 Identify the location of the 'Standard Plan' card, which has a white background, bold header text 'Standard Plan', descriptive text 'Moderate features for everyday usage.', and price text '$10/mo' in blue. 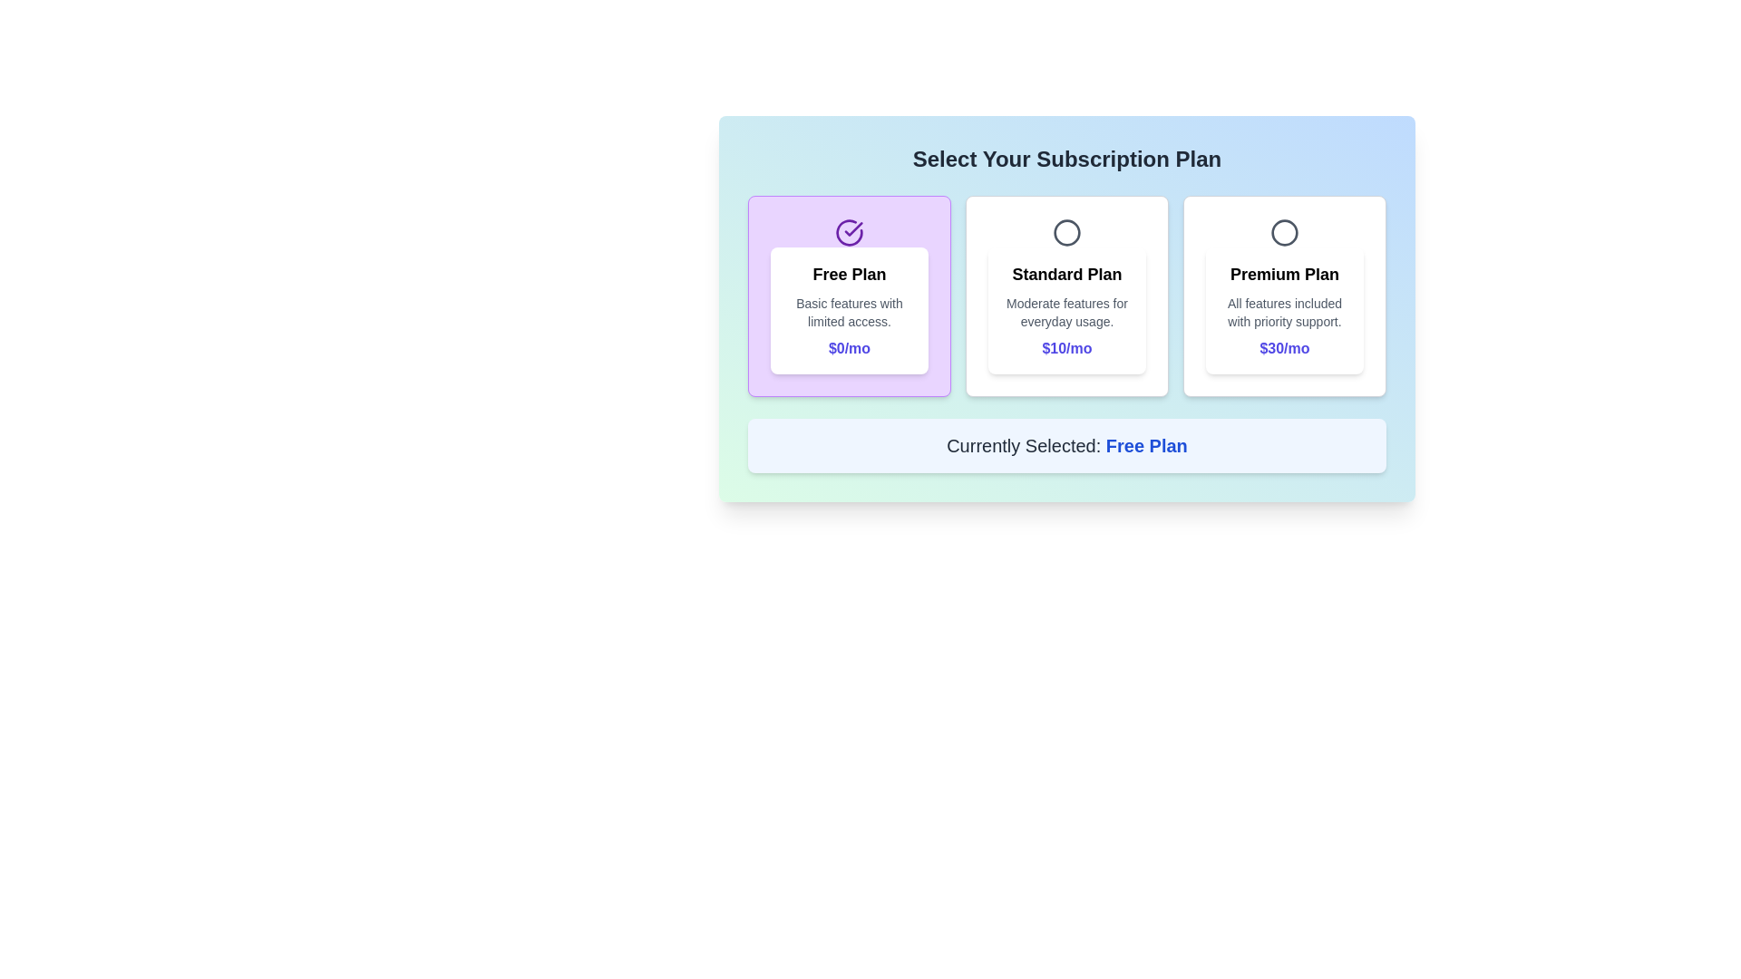
(1066, 296).